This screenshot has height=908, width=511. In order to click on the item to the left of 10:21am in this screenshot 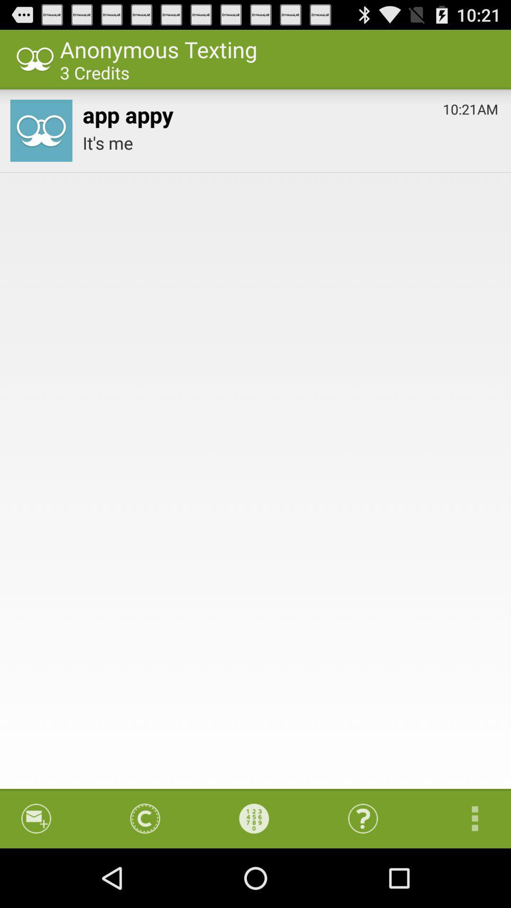, I will do `click(128, 113)`.